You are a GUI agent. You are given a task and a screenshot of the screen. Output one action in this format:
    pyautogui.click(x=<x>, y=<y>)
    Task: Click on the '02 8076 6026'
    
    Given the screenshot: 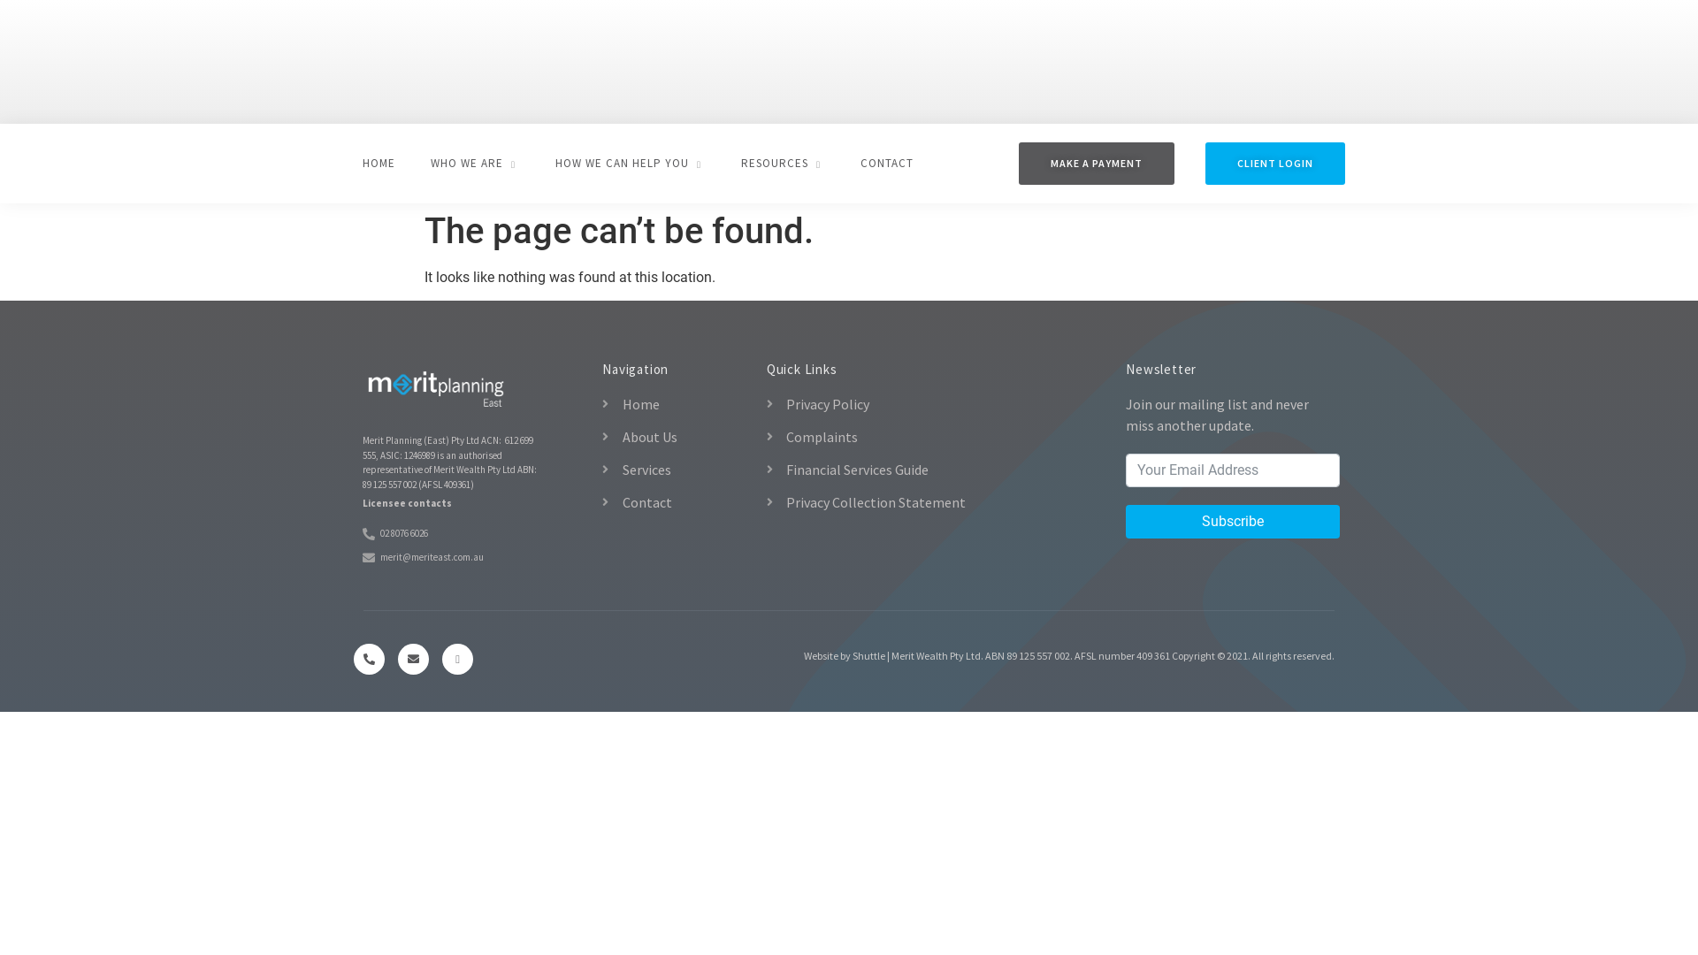 What is the action you would take?
    pyautogui.click(x=460, y=533)
    